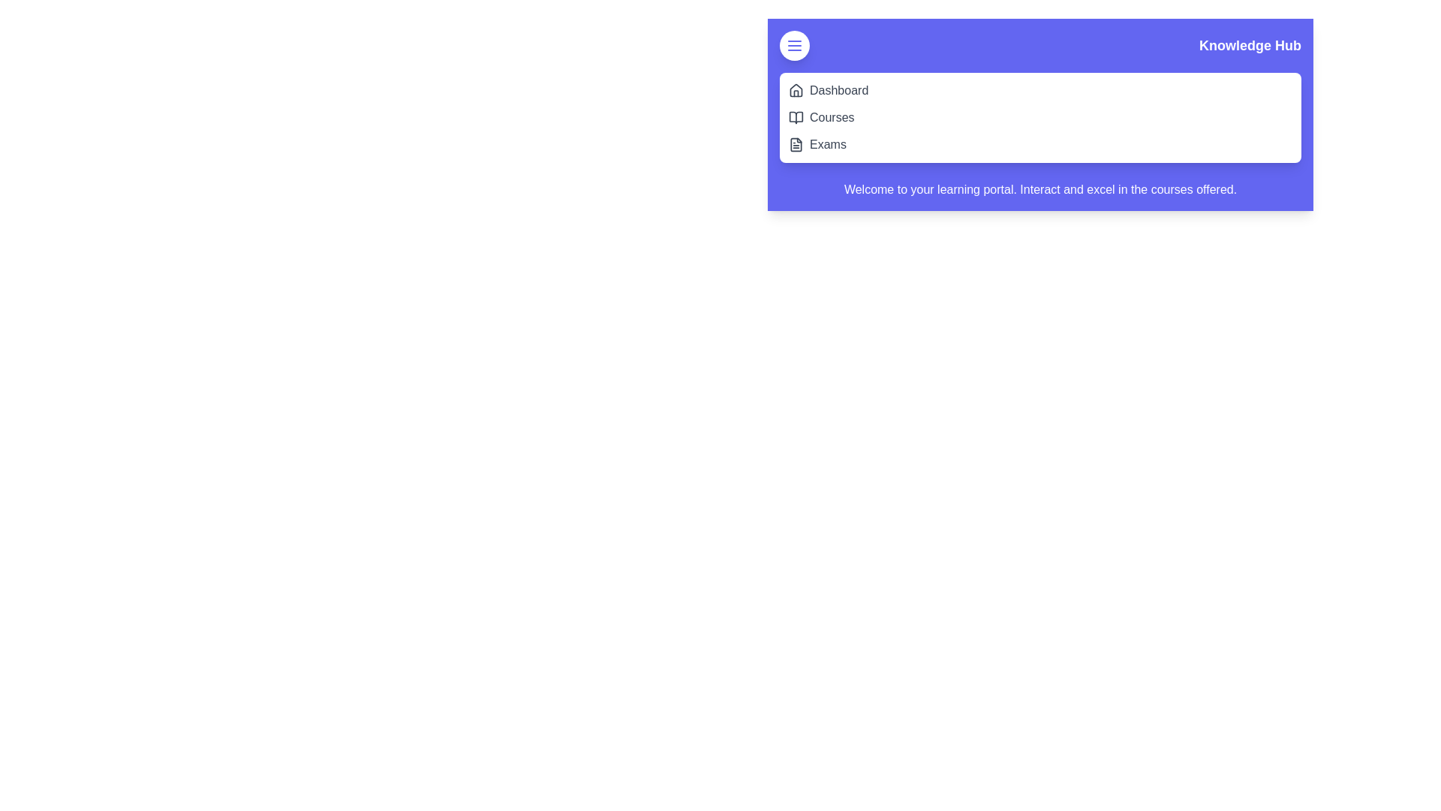 This screenshot has height=811, width=1441. What do you see at coordinates (838, 90) in the screenshot?
I see `the 'Dashboard' menu item` at bounding box center [838, 90].